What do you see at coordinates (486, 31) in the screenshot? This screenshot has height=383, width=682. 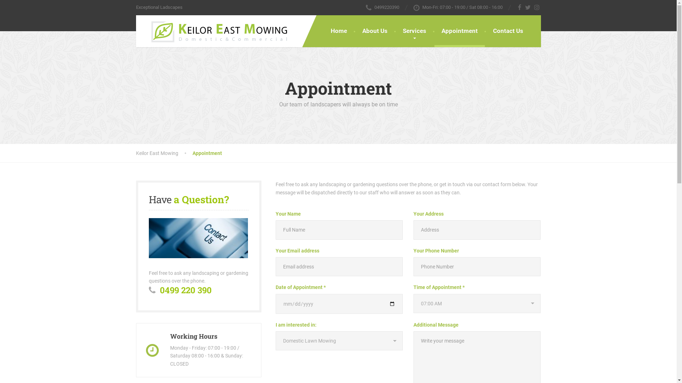 I see `'Contact Us'` at bounding box center [486, 31].